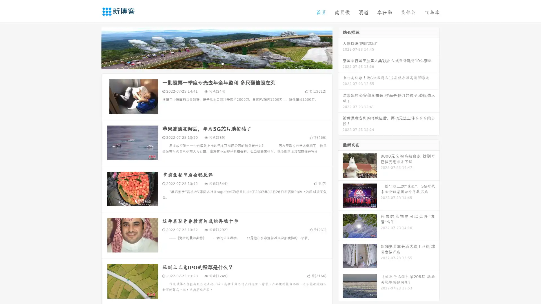 This screenshot has width=541, height=304. What do you see at coordinates (340, 47) in the screenshot?
I see `Next slide` at bounding box center [340, 47].